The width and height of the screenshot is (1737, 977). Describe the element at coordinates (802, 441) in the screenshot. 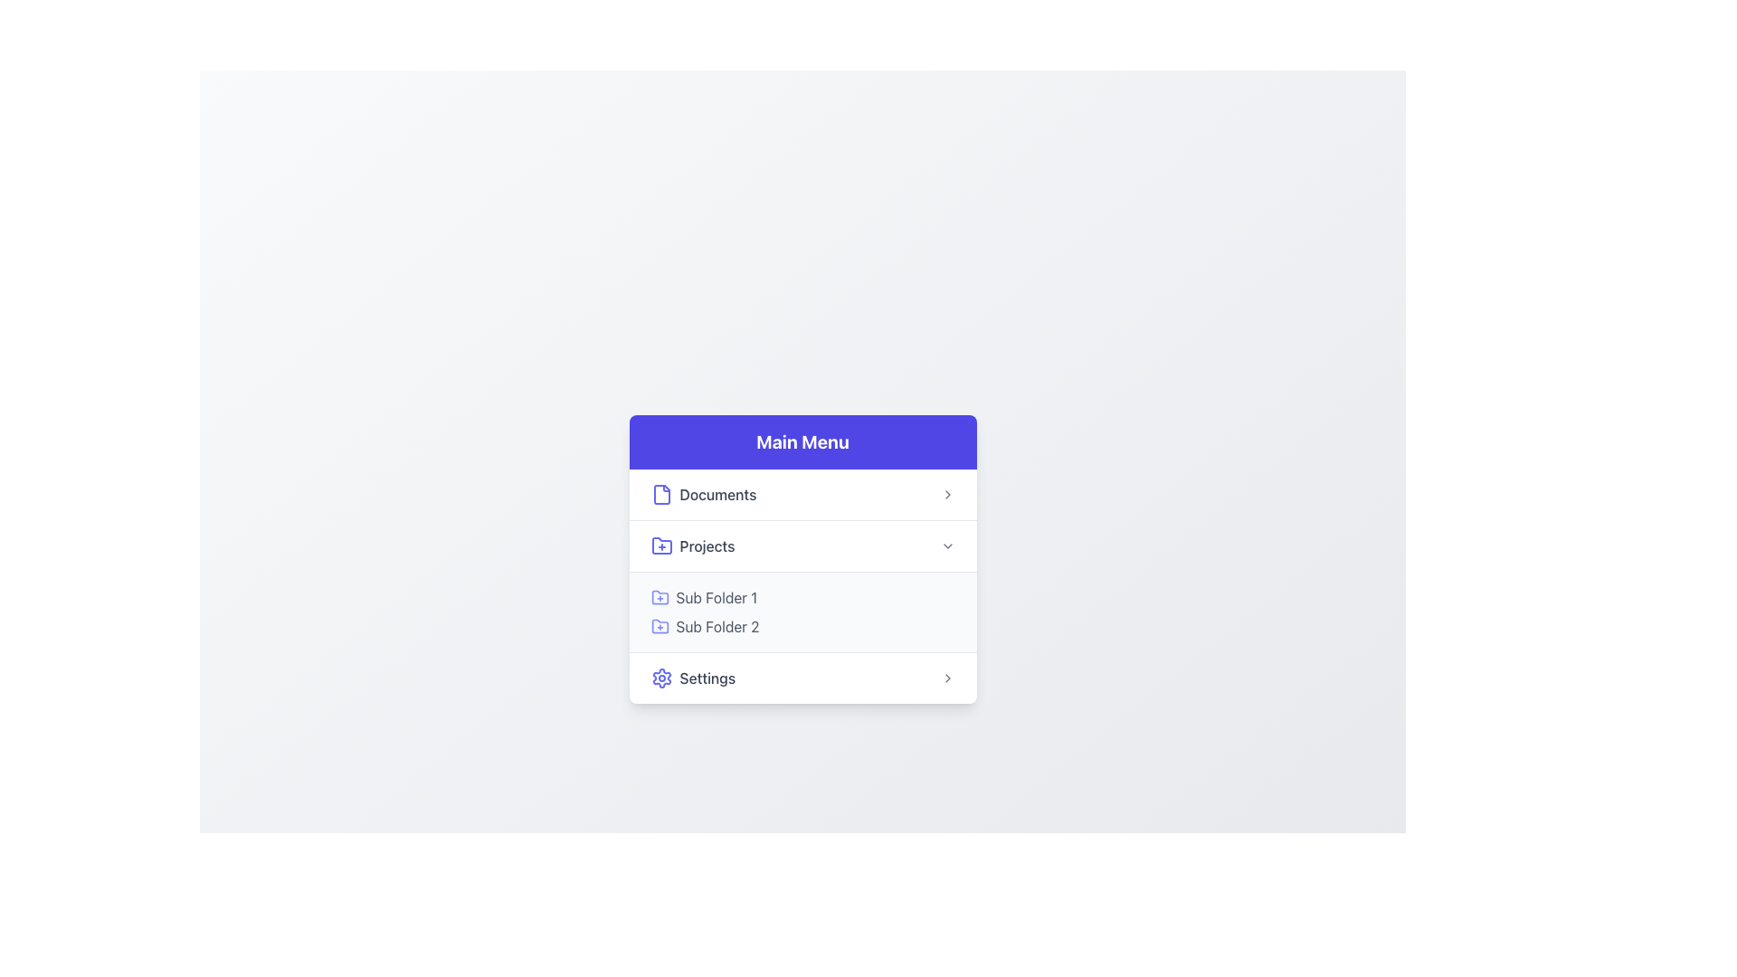

I see `text from the title label located at the top center of the pop-up menu, which provides context for the menu options` at that location.